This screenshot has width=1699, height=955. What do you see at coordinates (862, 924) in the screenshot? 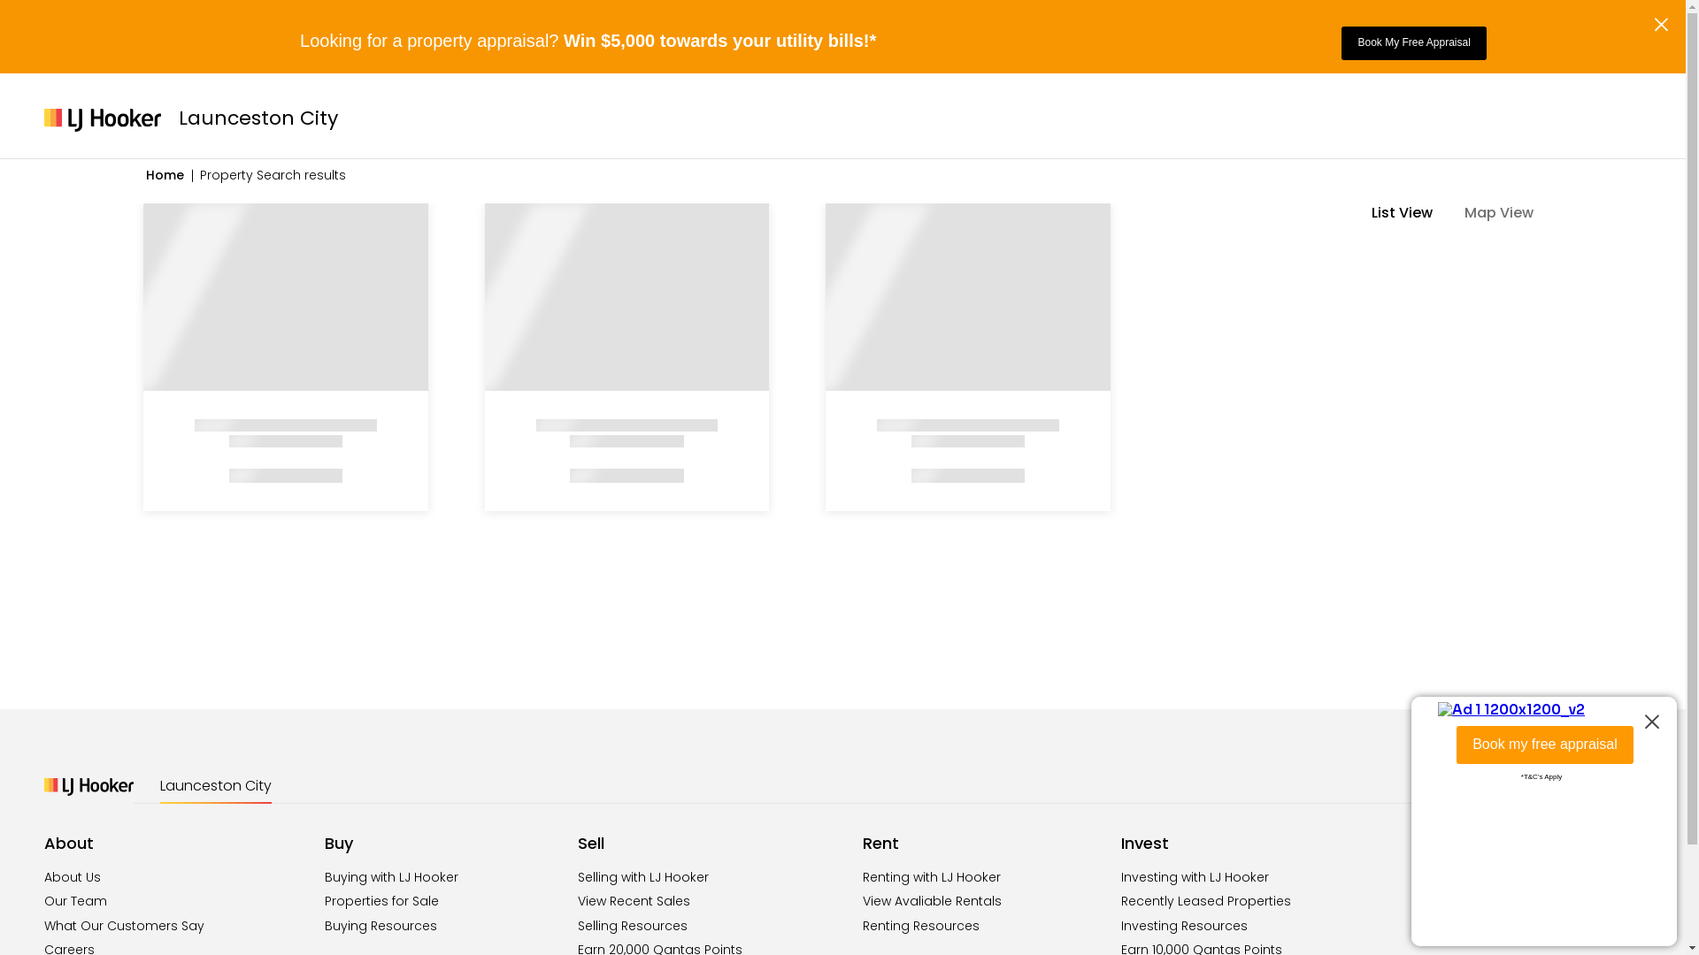
I see `'Renting Resources'` at bounding box center [862, 924].